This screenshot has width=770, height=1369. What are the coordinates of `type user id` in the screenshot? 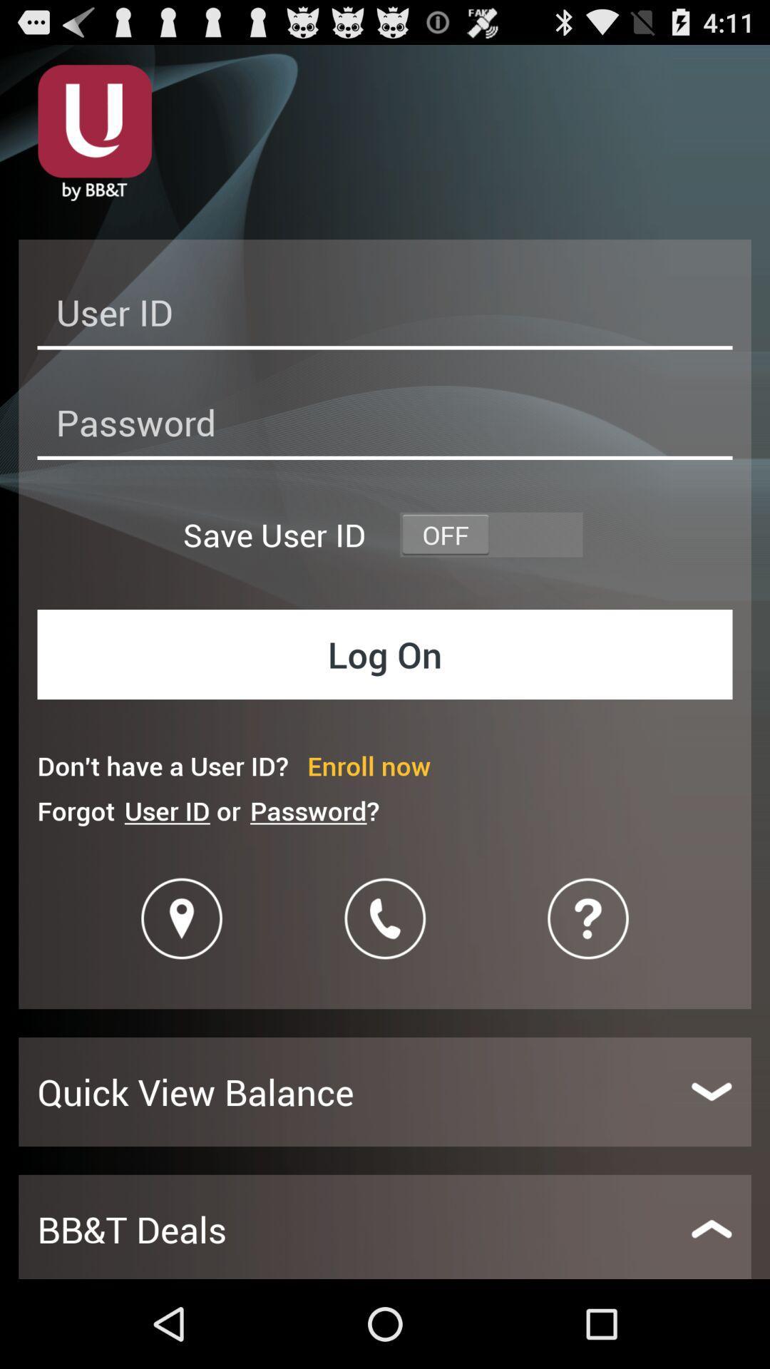 It's located at (385, 316).